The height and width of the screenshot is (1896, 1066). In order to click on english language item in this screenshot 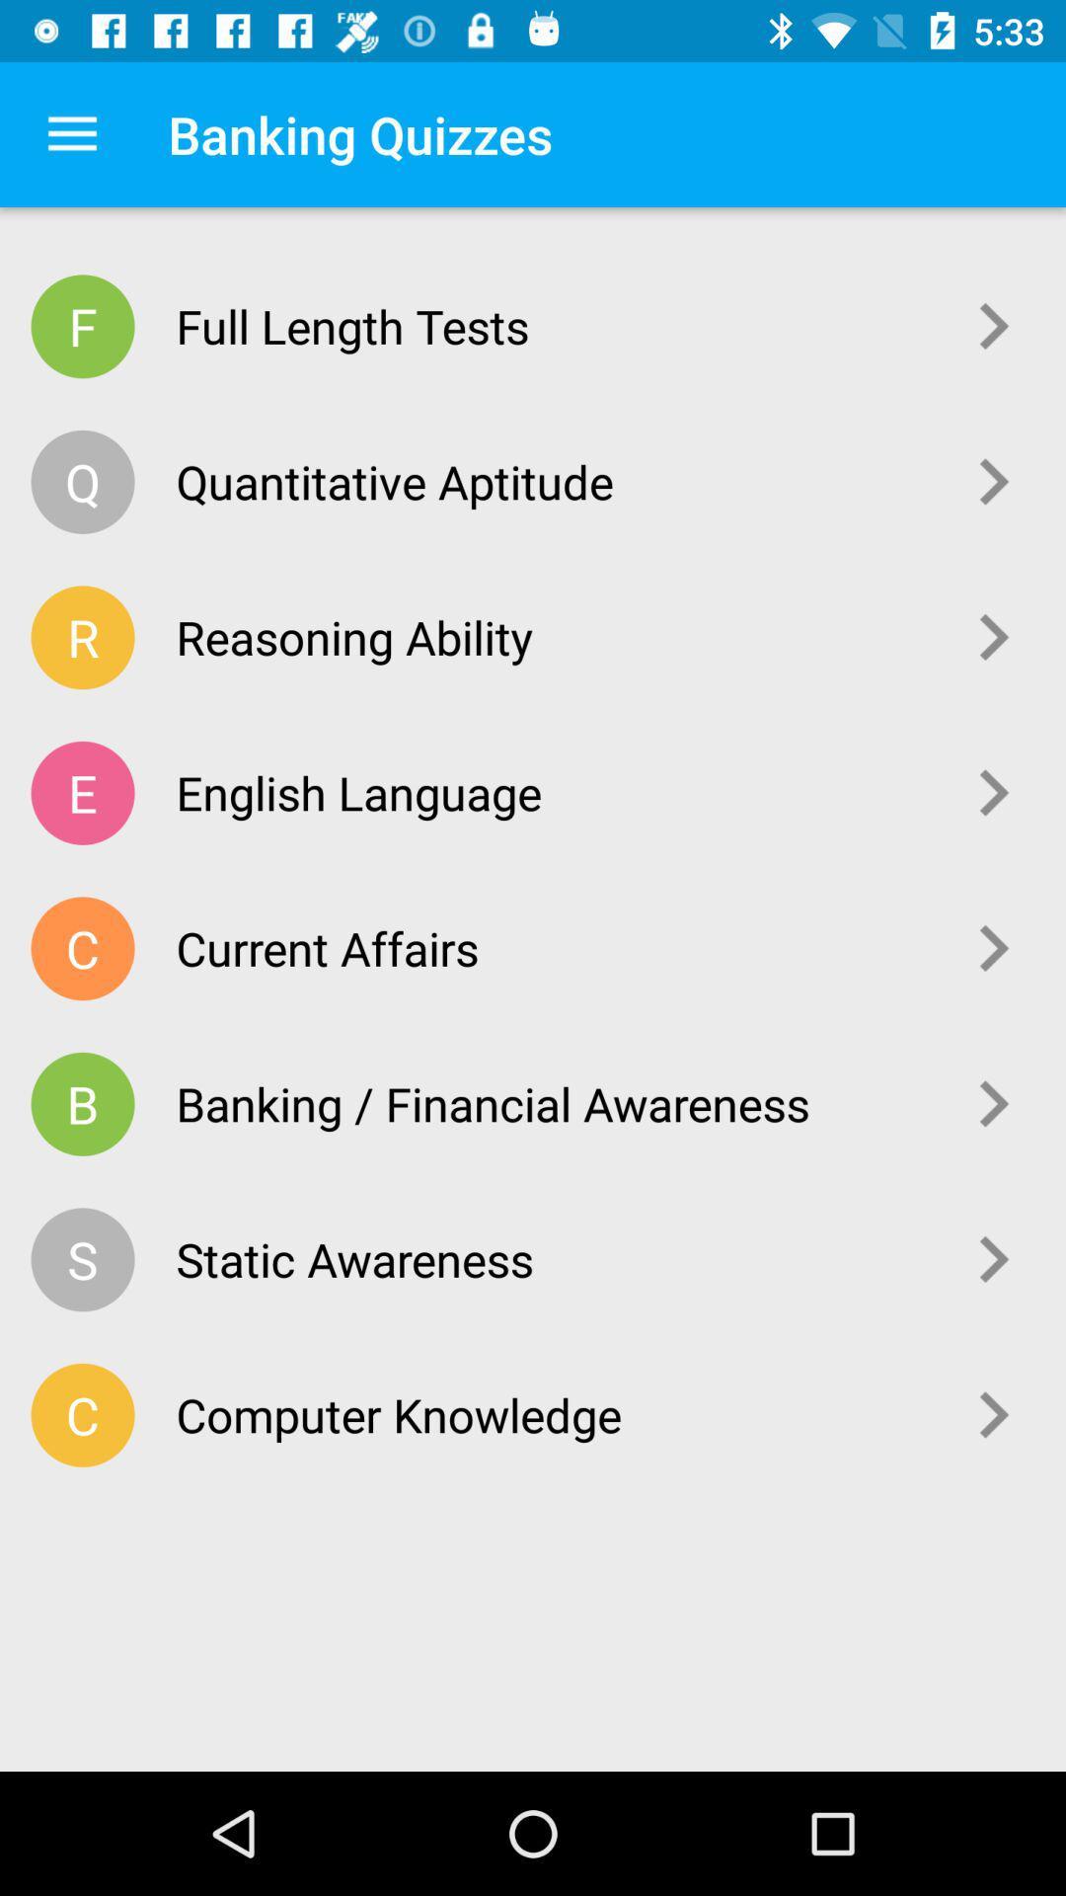, I will do `click(554, 792)`.